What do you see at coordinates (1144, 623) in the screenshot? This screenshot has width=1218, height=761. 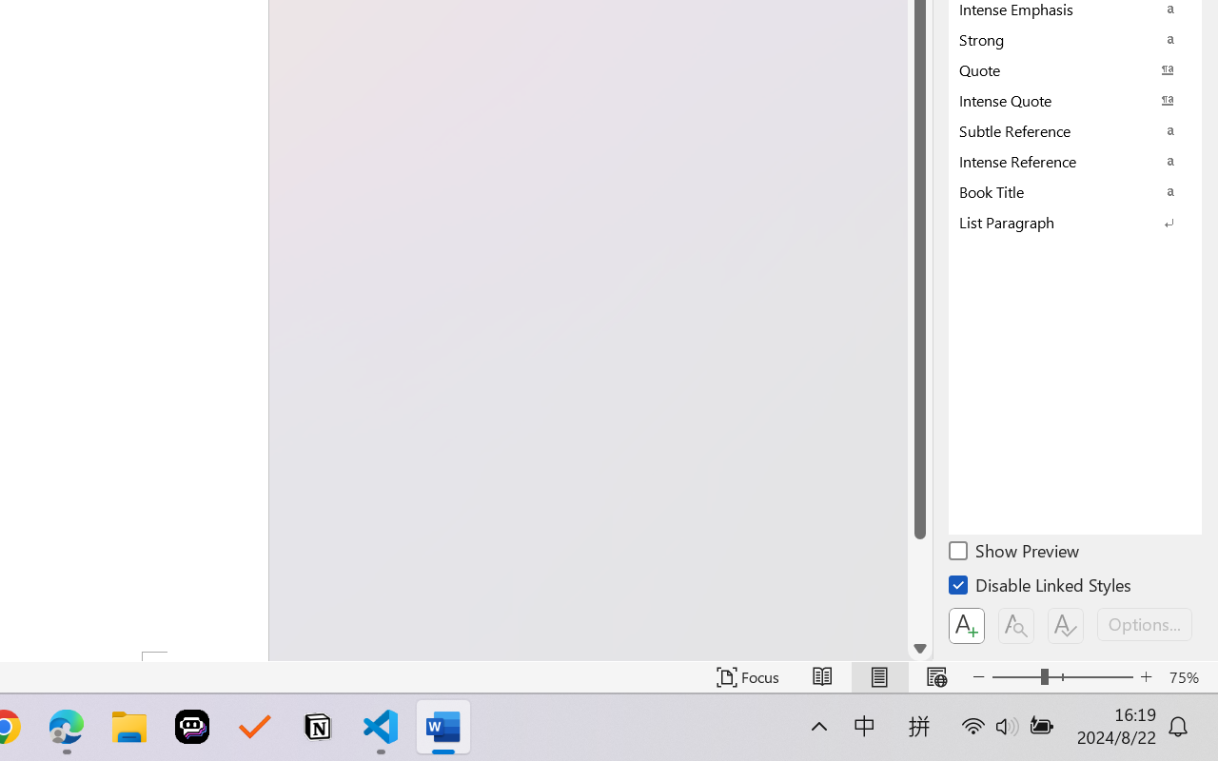 I see `'Options...'` at bounding box center [1144, 623].